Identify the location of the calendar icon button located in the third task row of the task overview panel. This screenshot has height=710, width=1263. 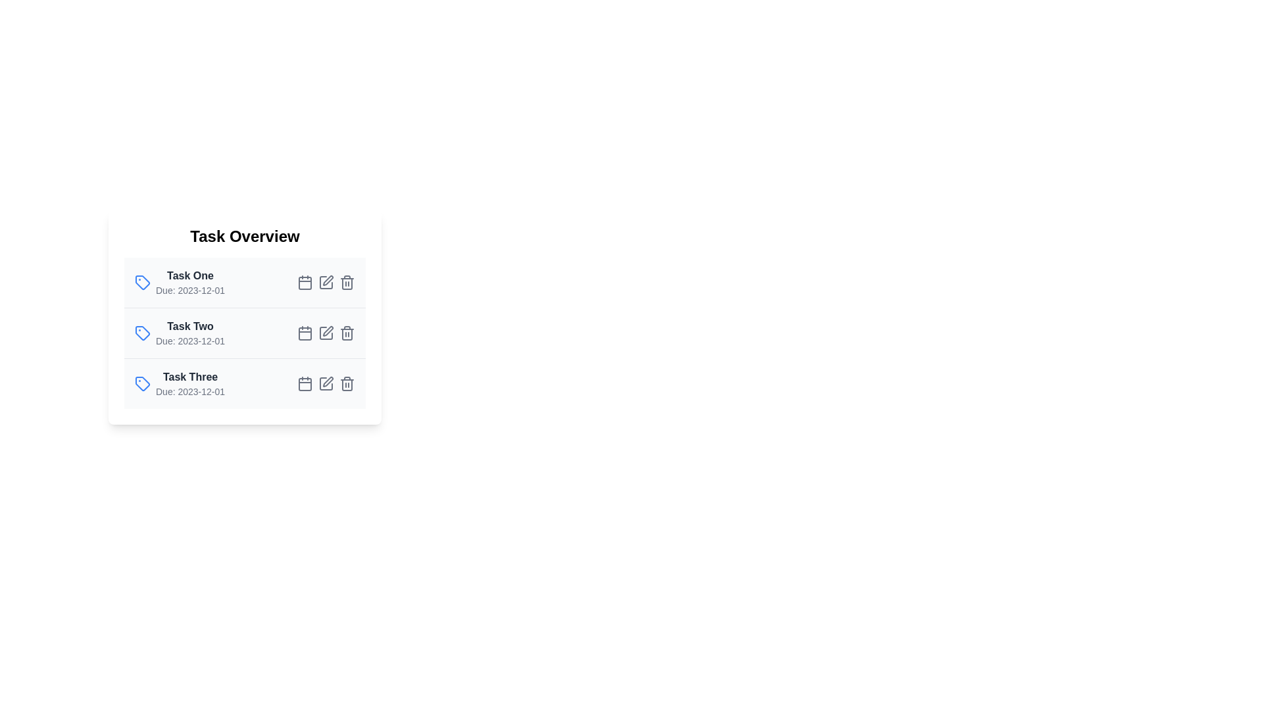
(305, 383).